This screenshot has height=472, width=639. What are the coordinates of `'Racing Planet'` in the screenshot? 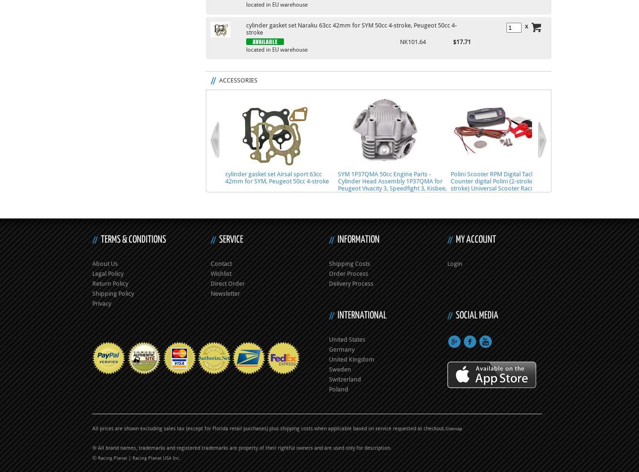 It's located at (112, 457).